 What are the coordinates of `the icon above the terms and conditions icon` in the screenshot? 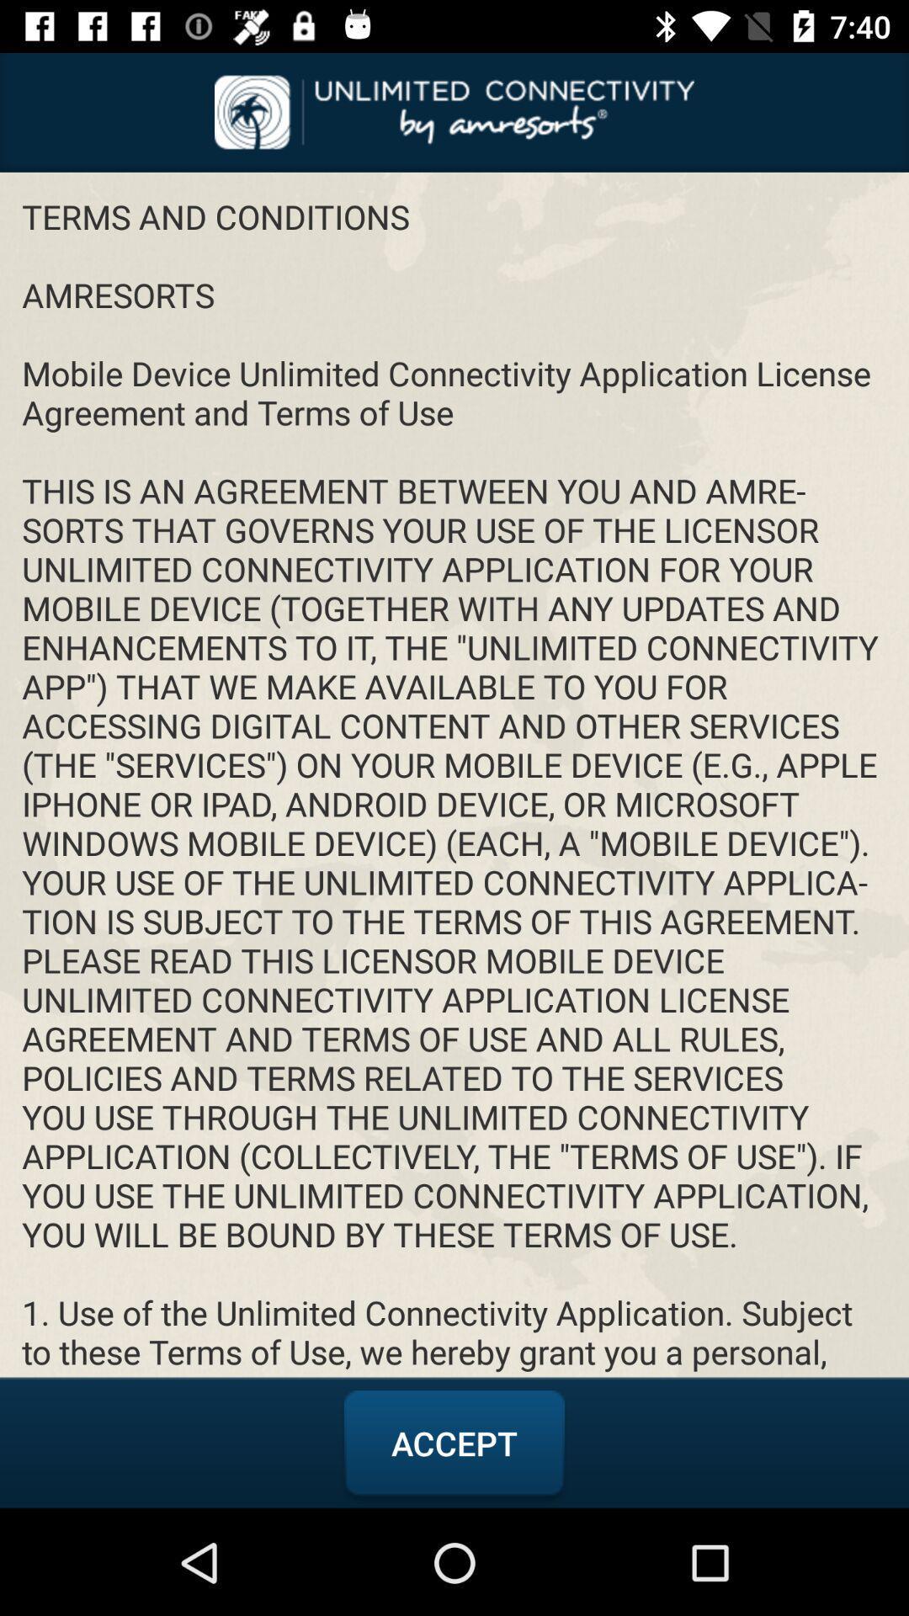 It's located at (454, 111).